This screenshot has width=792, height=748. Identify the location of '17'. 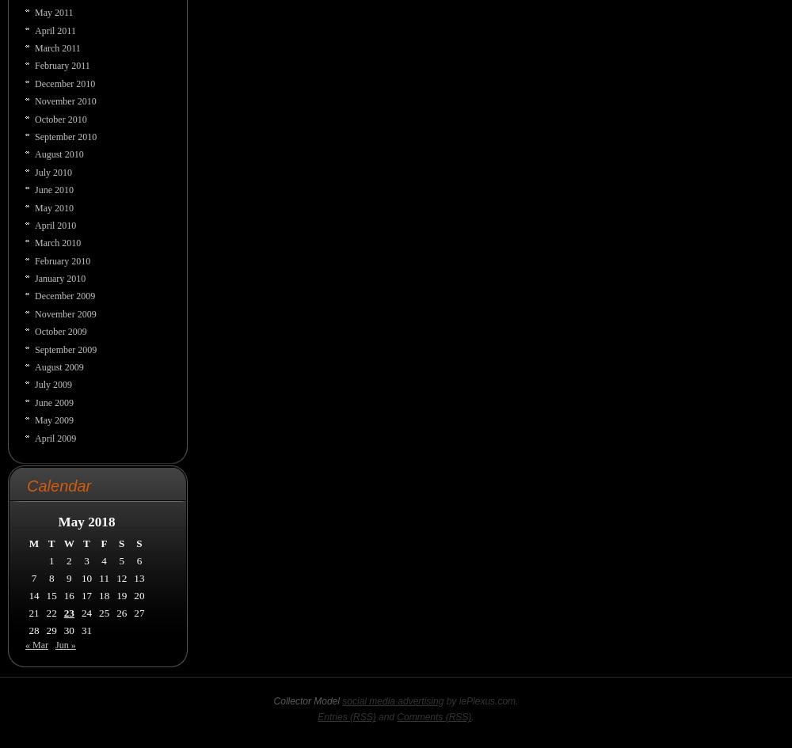
(80, 594).